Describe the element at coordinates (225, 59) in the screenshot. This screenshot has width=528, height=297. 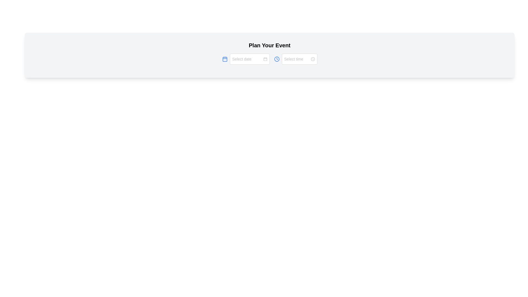
I see `the styling of the central square portion of the calendar icon represented by the SVG Shape (rectangle with rounded corners), which is located to the left of the date picker input field` at that location.